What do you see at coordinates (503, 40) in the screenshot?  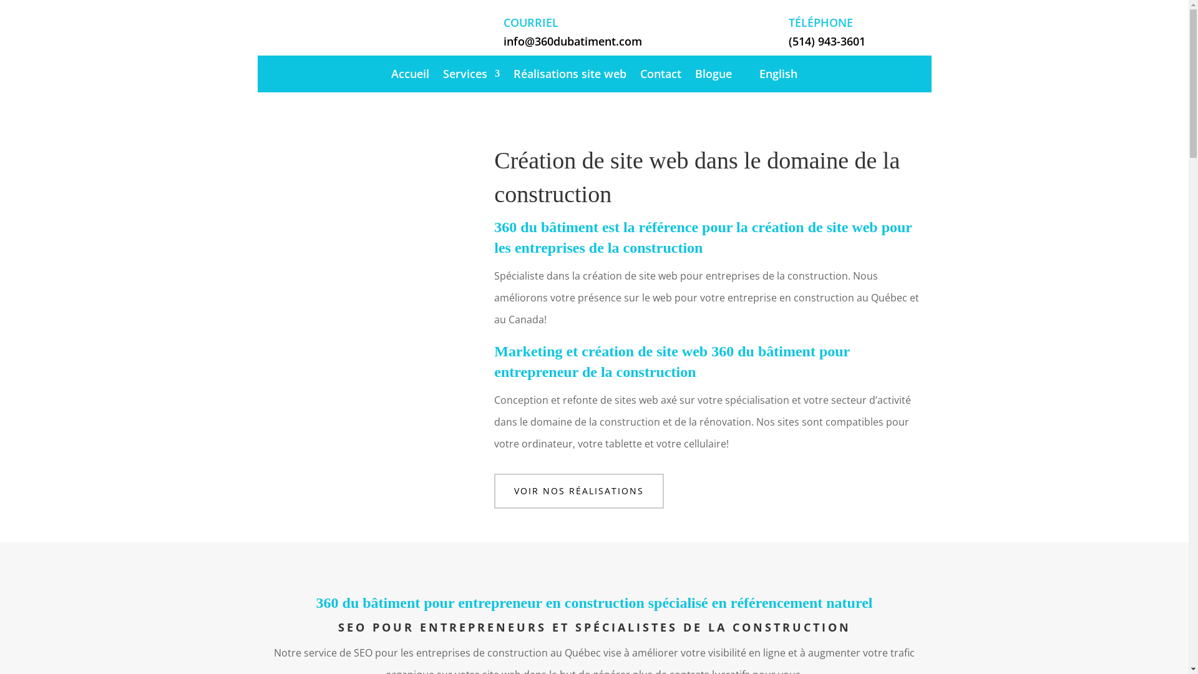 I see `'info@360dubatiment.com'` at bounding box center [503, 40].